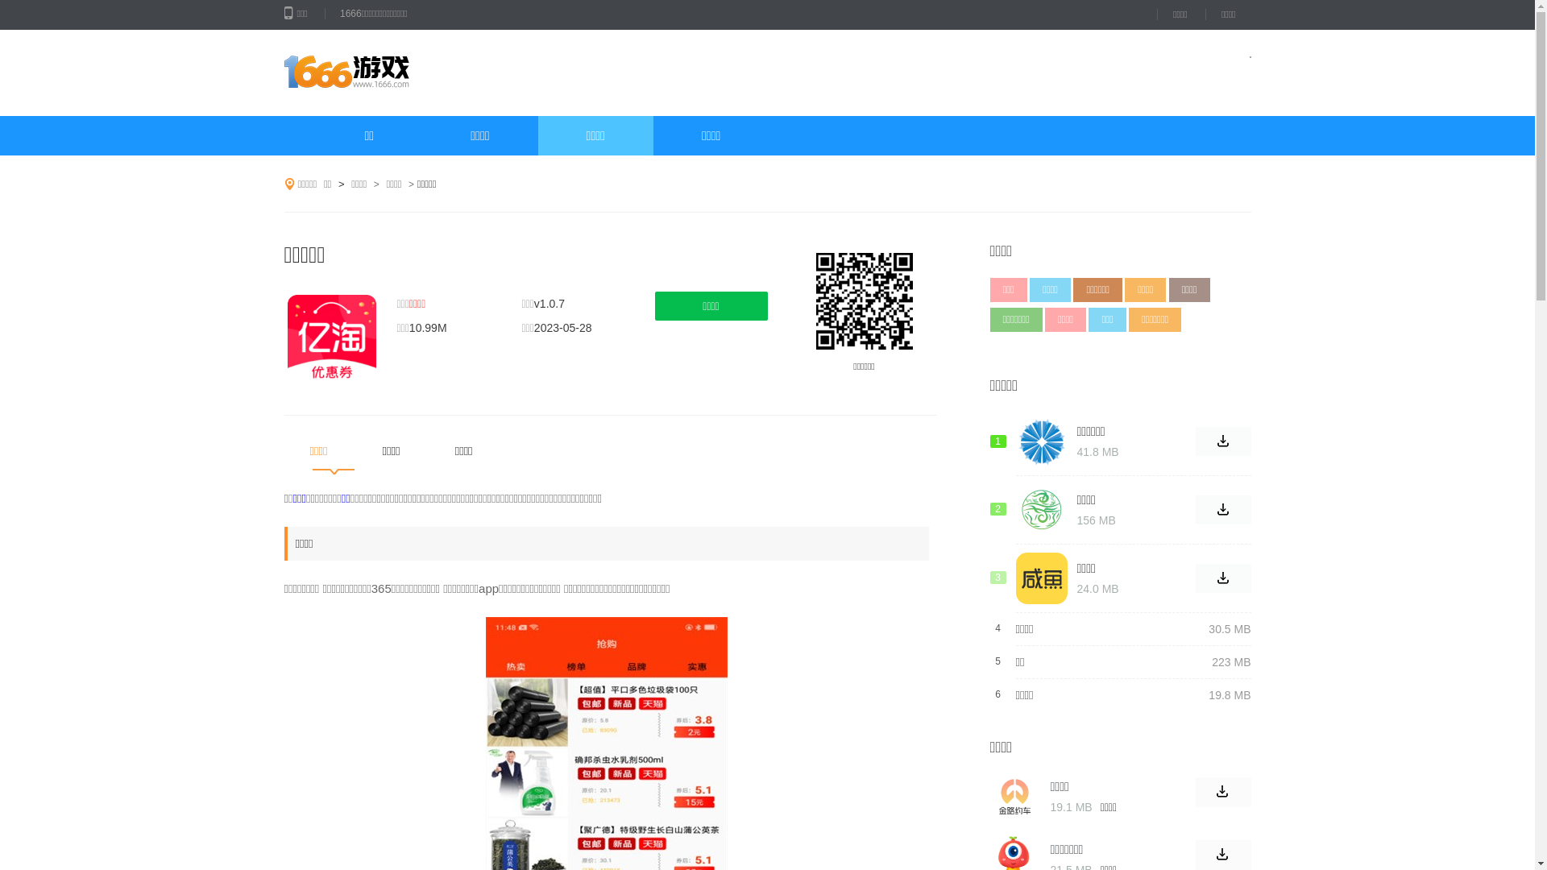 This screenshot has width=1547, height=870. Describe the element at coordinates (862, 301) in the screenshot. I see `'http://m.1666.com/az/v190419.html'` at that location.